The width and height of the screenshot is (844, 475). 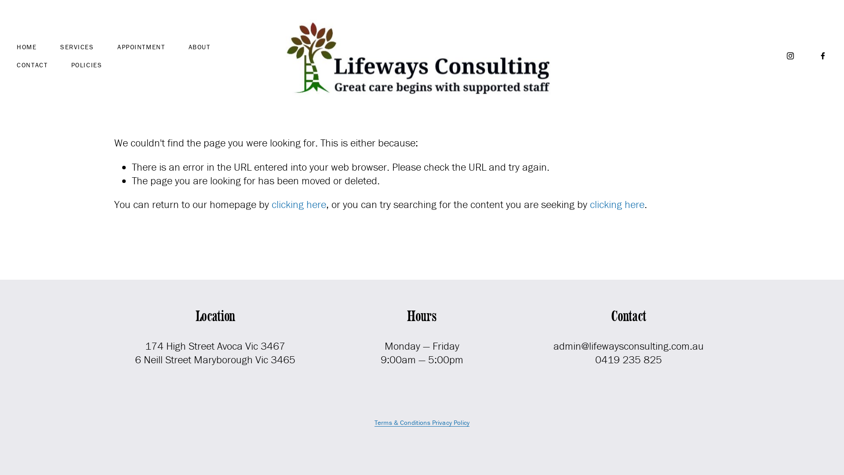 What do you see at coordinates (26, 47) in the screenshot?
I see `'HOME'` at bounding box center [26, 47].